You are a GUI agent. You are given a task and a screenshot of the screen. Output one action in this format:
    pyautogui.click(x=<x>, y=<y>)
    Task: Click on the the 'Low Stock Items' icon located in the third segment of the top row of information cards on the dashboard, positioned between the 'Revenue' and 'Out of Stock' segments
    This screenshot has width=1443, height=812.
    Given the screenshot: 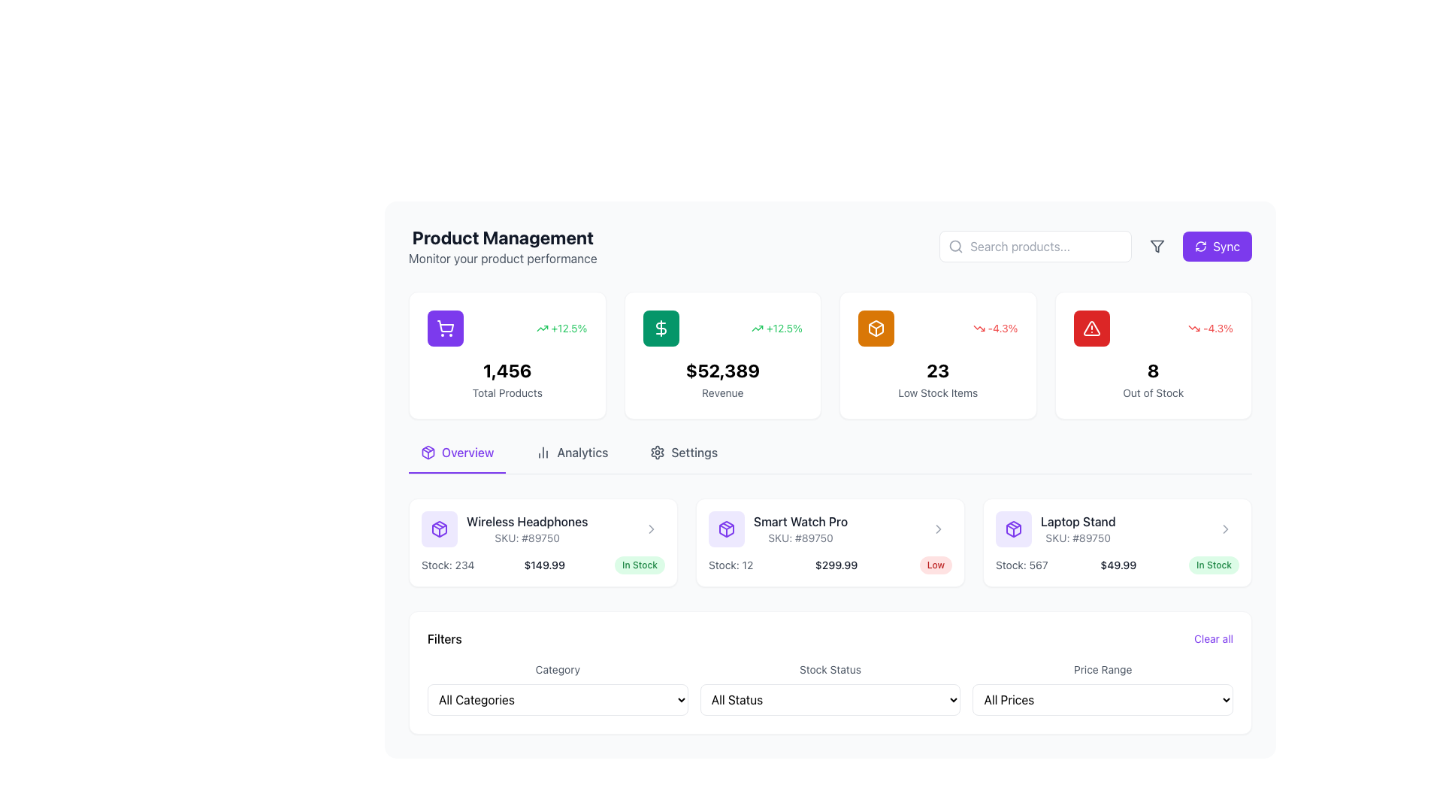 What is the action you would take?
    pyautogui.click(x=876, y=327)
    